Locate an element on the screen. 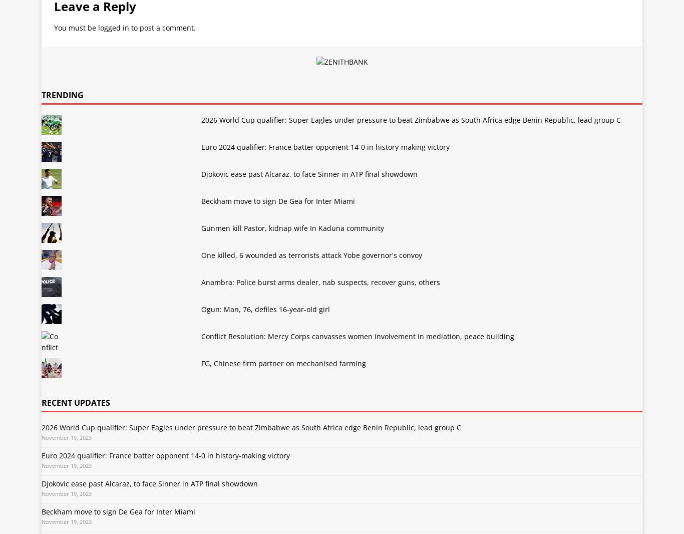  'You must be' is located at coordinates (76, 27).